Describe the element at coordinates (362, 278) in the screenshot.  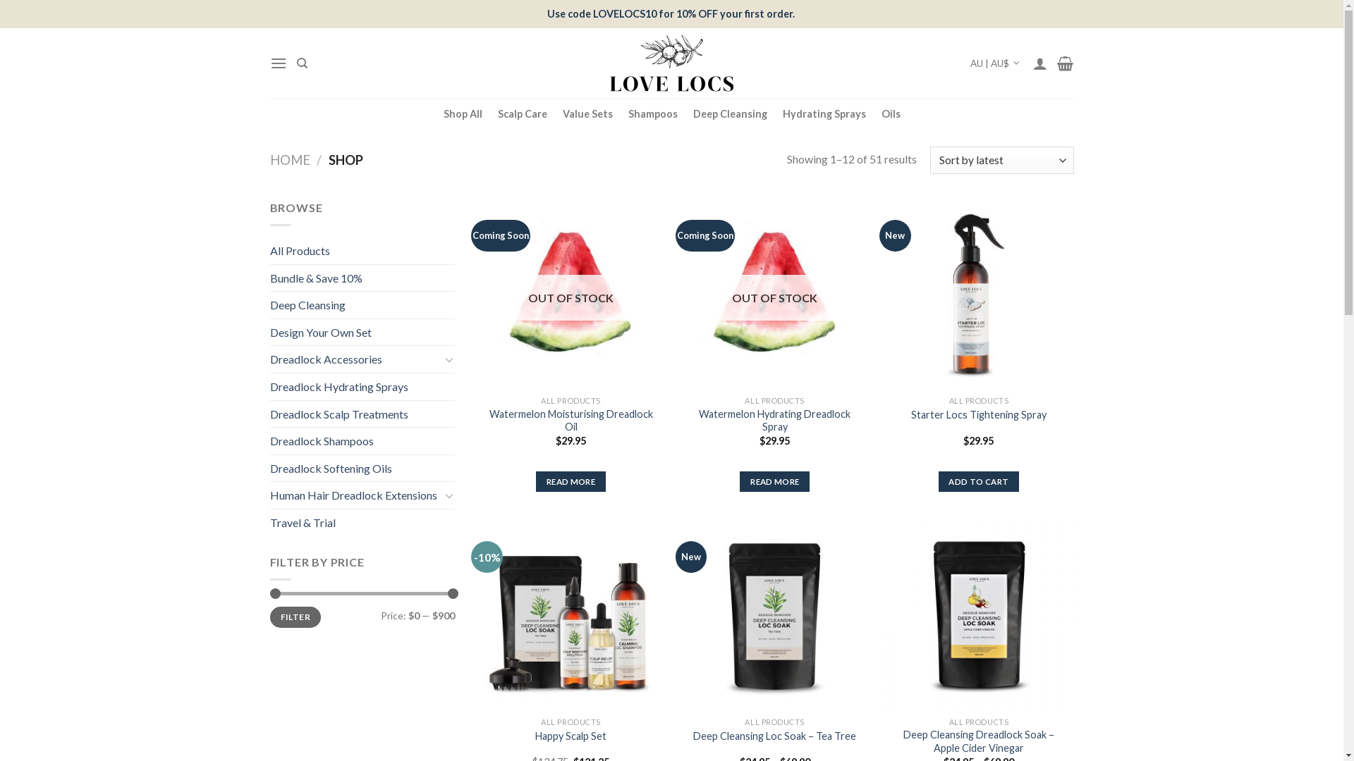
I see `'Bundle & Save 10%'` at that location.